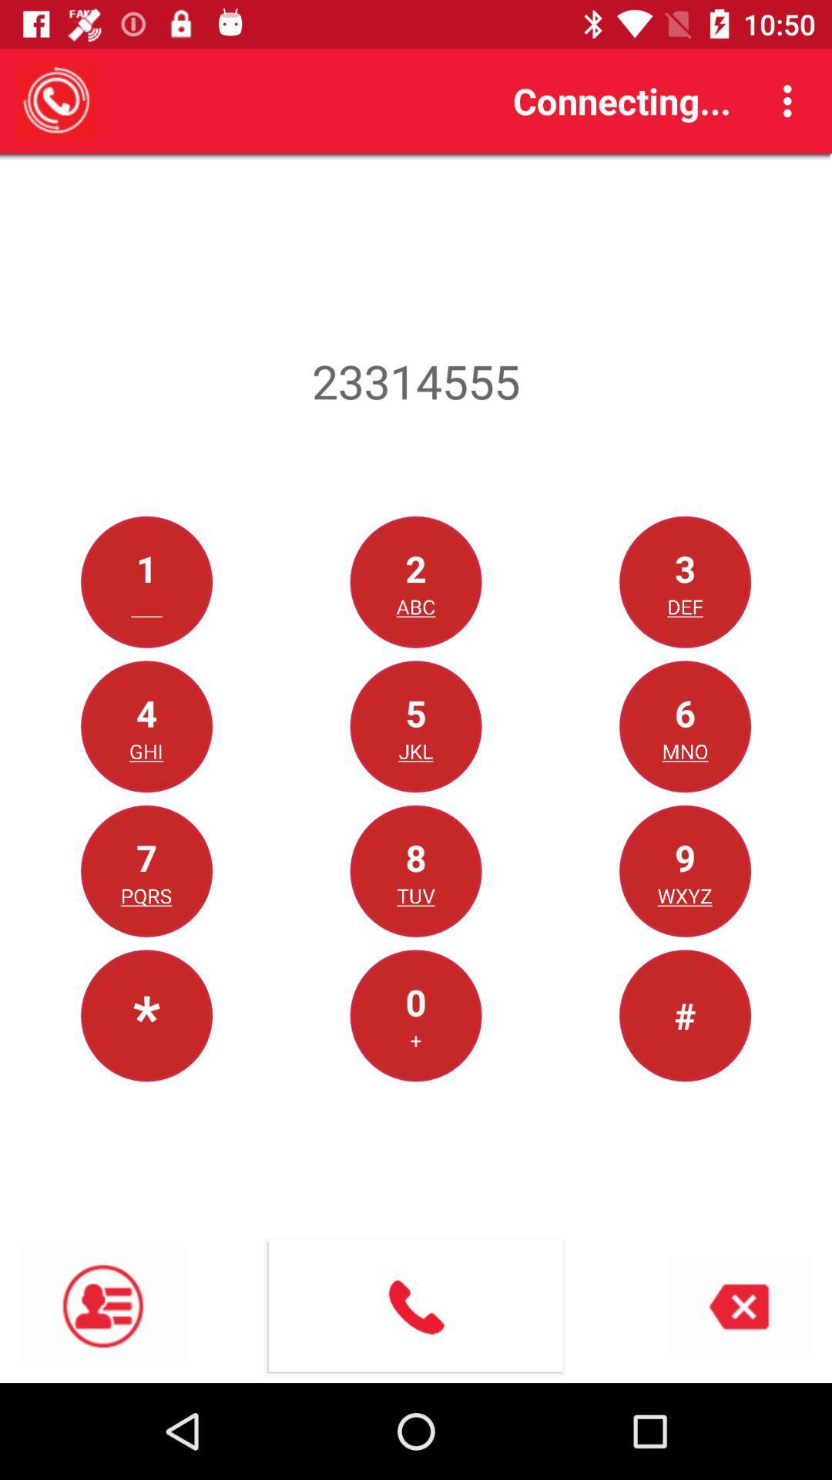  I want to click on the call icon, so click(414, 1304).